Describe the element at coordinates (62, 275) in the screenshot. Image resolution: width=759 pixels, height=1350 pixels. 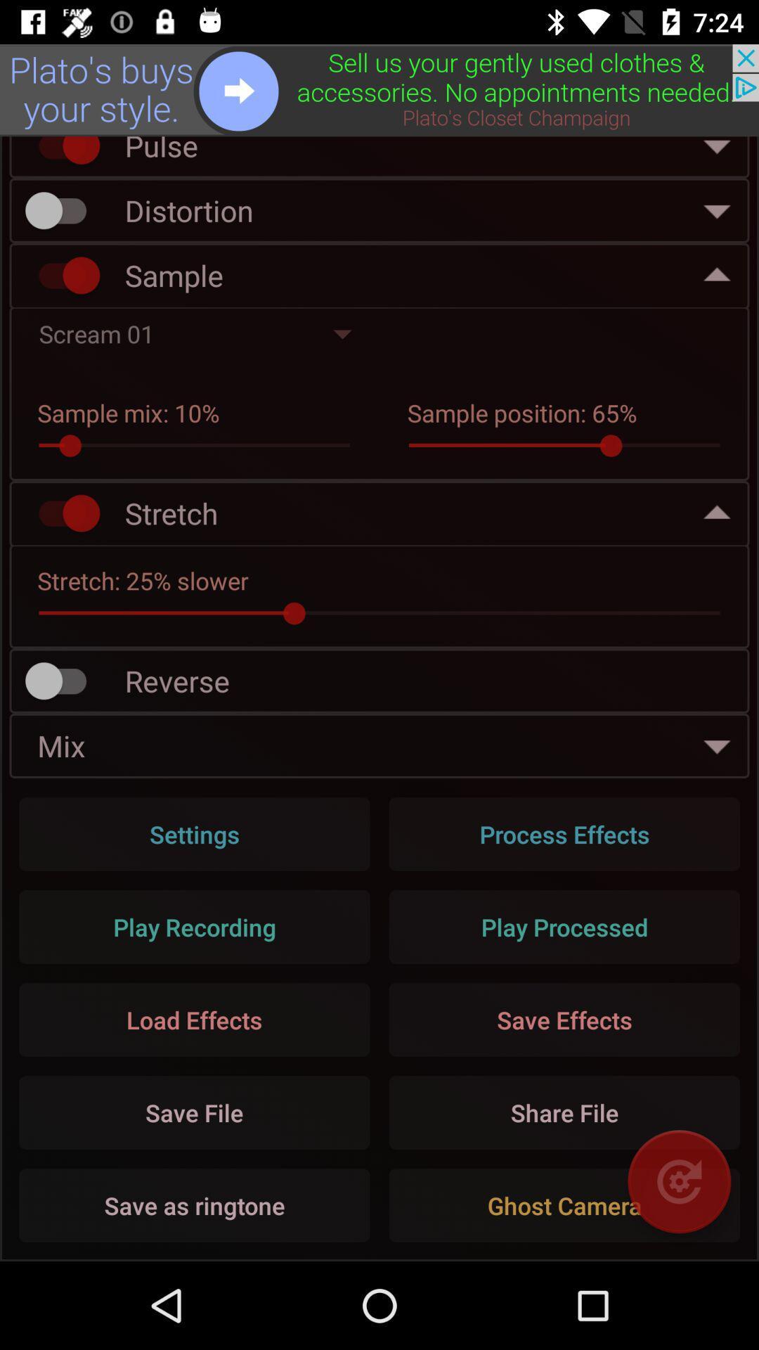
I see `on` at that location.